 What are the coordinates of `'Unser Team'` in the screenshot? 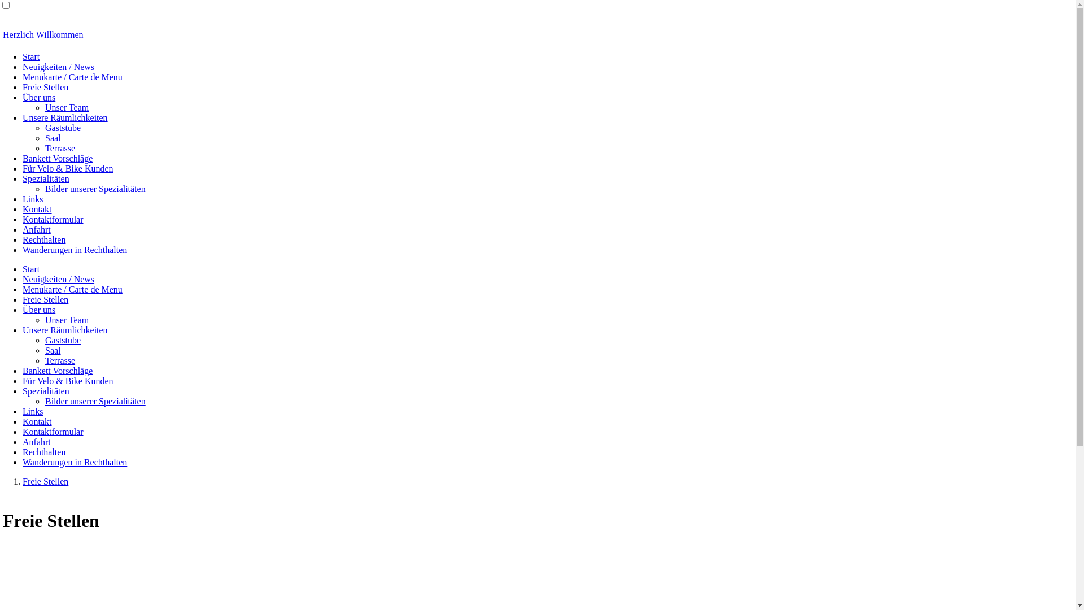 It's located at (66, 320).